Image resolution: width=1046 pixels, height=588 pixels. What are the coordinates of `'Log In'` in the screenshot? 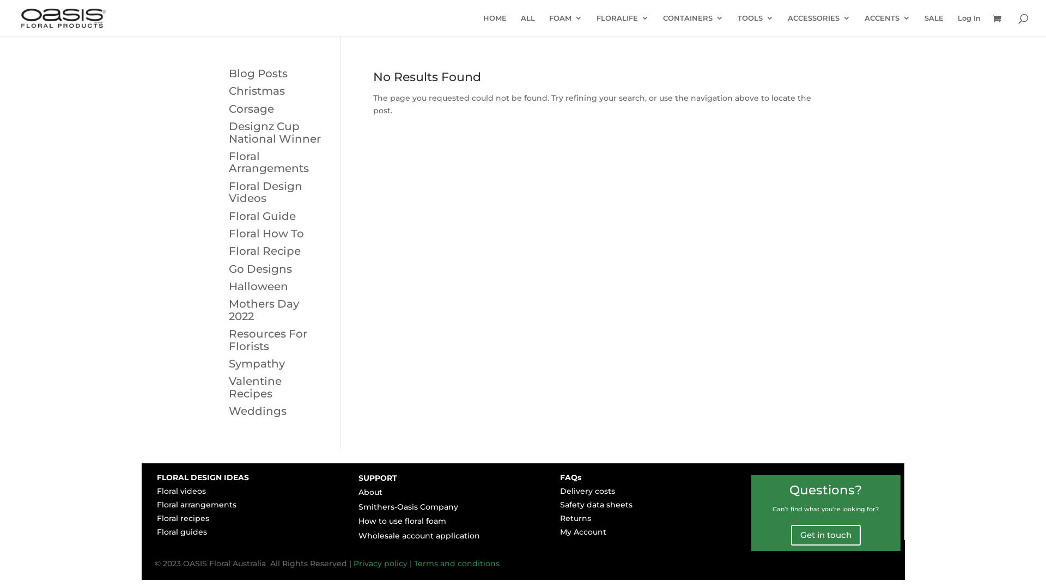 It's located at (969, 24).